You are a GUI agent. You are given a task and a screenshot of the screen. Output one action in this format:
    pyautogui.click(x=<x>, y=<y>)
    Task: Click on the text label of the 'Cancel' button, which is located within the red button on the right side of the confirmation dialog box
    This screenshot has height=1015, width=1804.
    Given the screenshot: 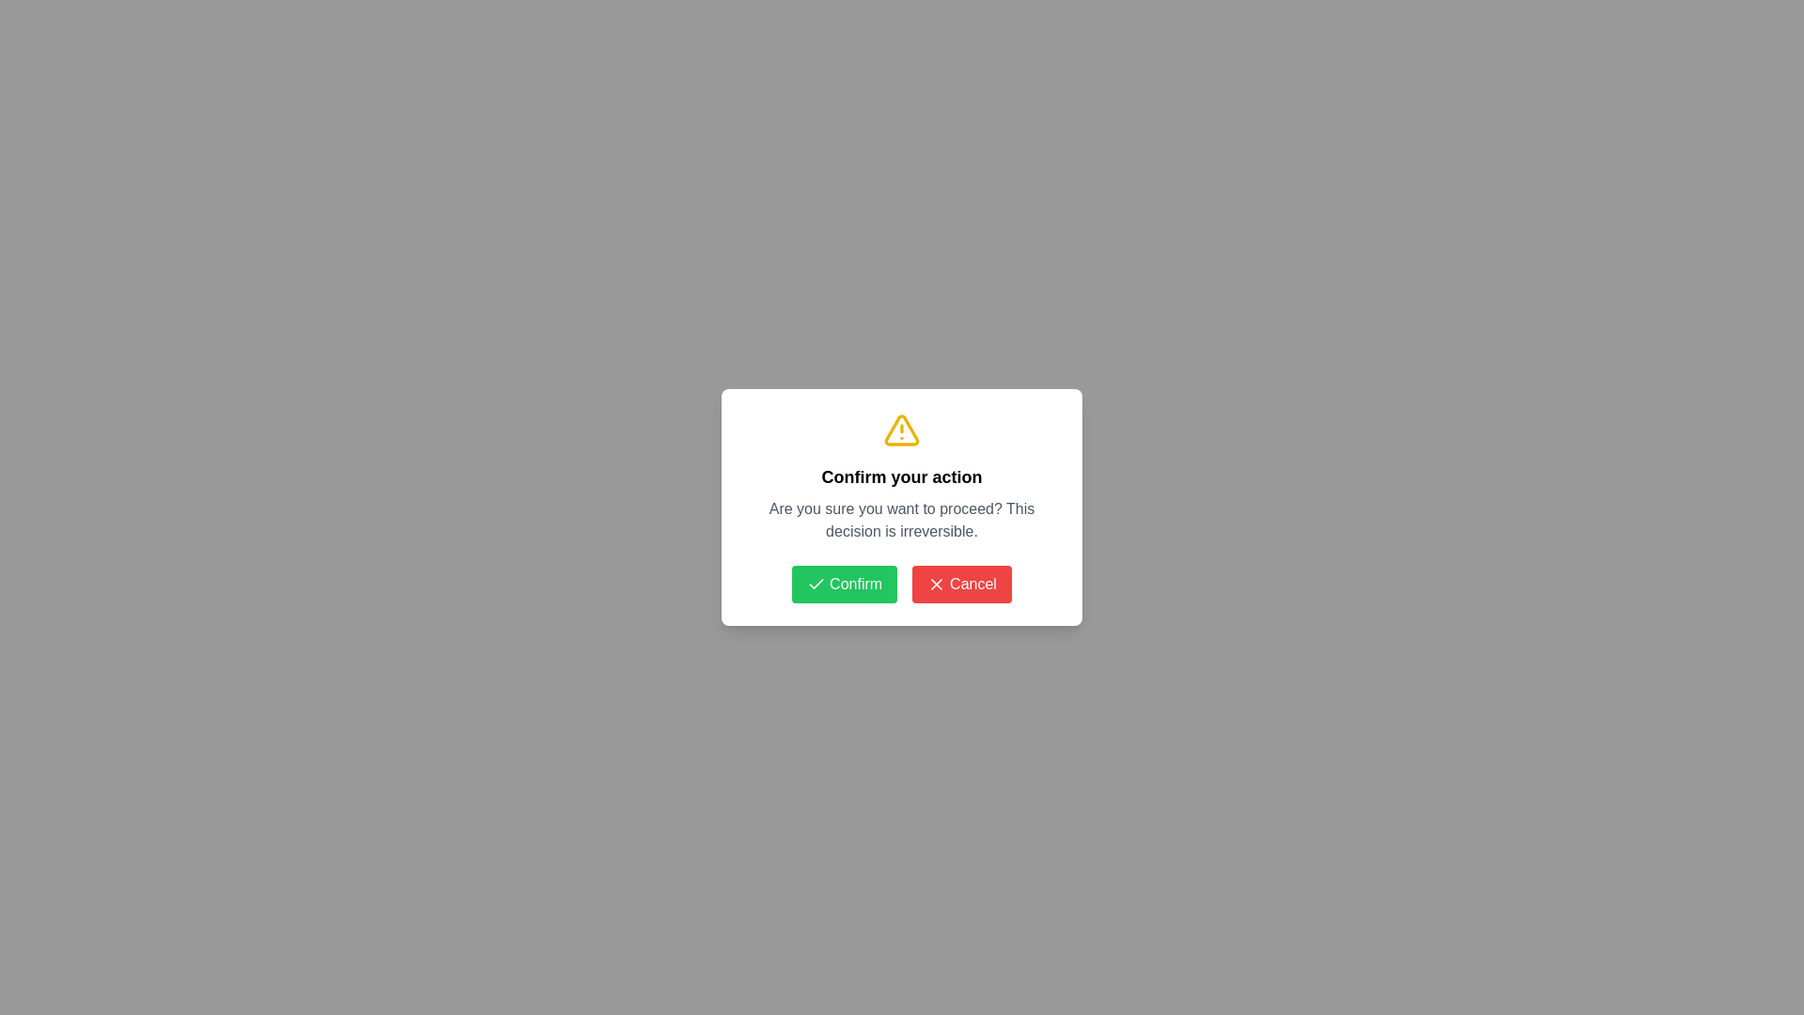 What is the action you would take?
    pyautogui.click(x=973, y=583)
    